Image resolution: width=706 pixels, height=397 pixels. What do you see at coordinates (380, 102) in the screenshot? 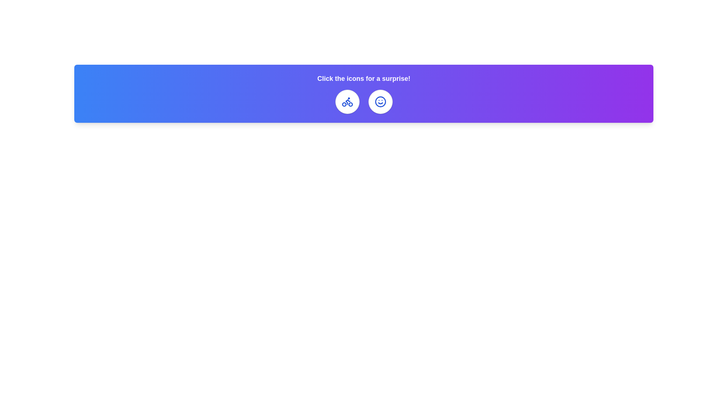
I see `the circular button with a blue smiling face icon, located on the right side of a horizontal group of two buttons in the gradient header` at bounding box center [380, 102].